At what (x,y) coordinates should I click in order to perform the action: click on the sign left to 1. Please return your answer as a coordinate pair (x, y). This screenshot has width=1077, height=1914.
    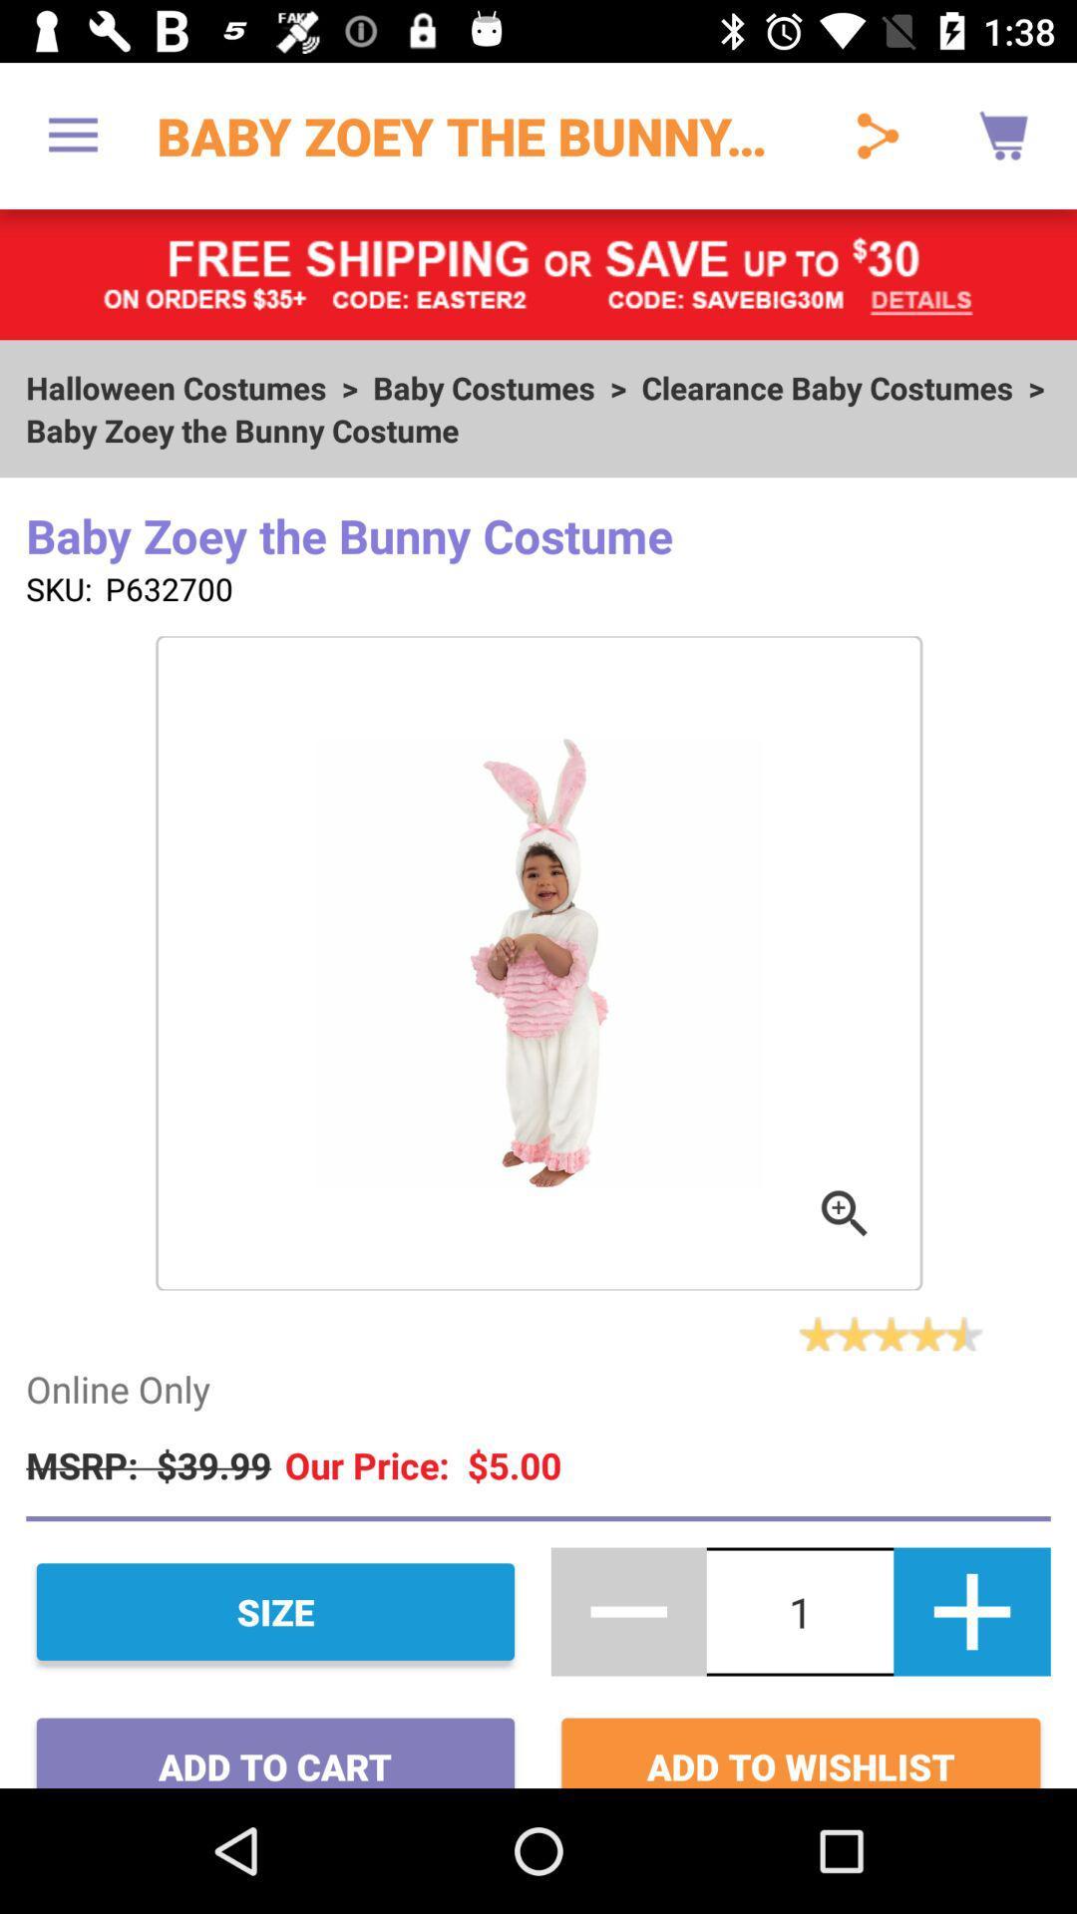
    Looking at the image, I should click on (629, 1612).